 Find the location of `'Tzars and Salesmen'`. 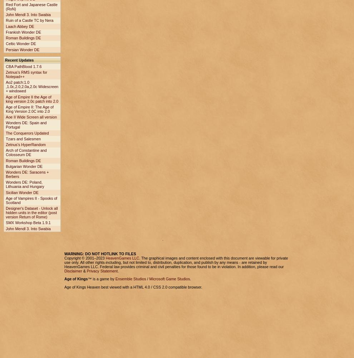

'Tzars and Salesmen' is located at coordinates (23, 139).